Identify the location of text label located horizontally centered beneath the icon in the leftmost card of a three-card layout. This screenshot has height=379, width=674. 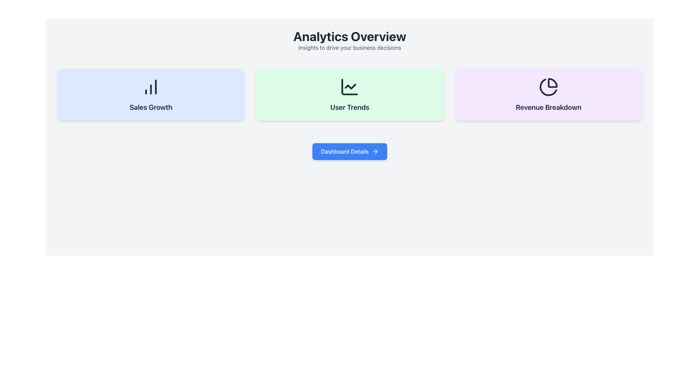
(151, 107).